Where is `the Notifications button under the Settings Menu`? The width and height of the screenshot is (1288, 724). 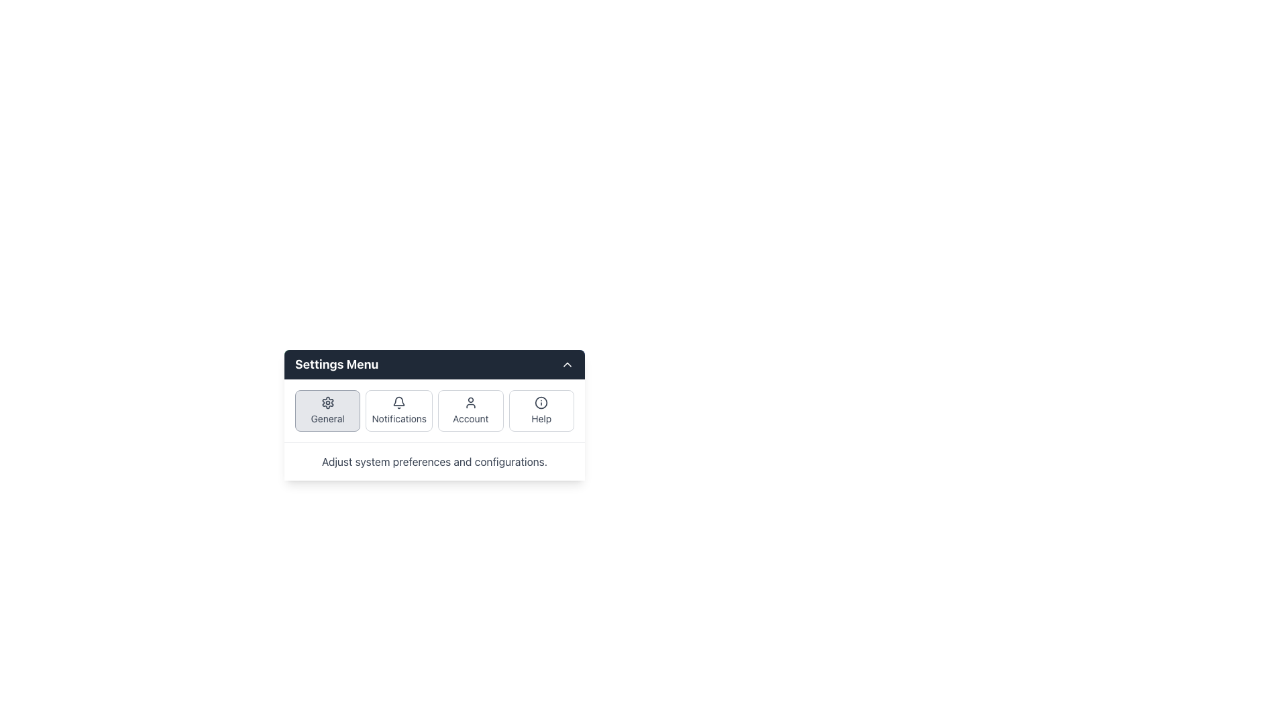
the Notifications button under the Settings Menu is located at coordinates (435, 410).